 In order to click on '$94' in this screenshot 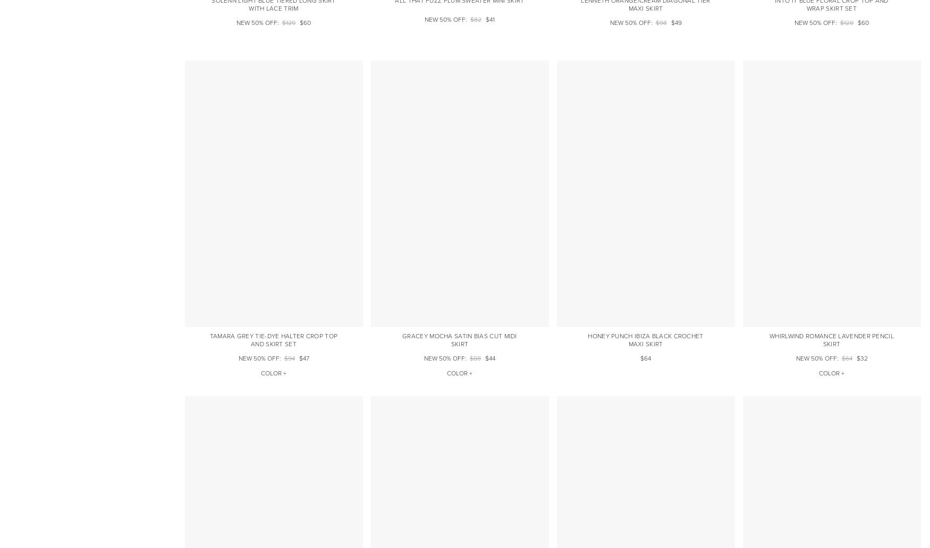, I will do `click(289, 358)`.